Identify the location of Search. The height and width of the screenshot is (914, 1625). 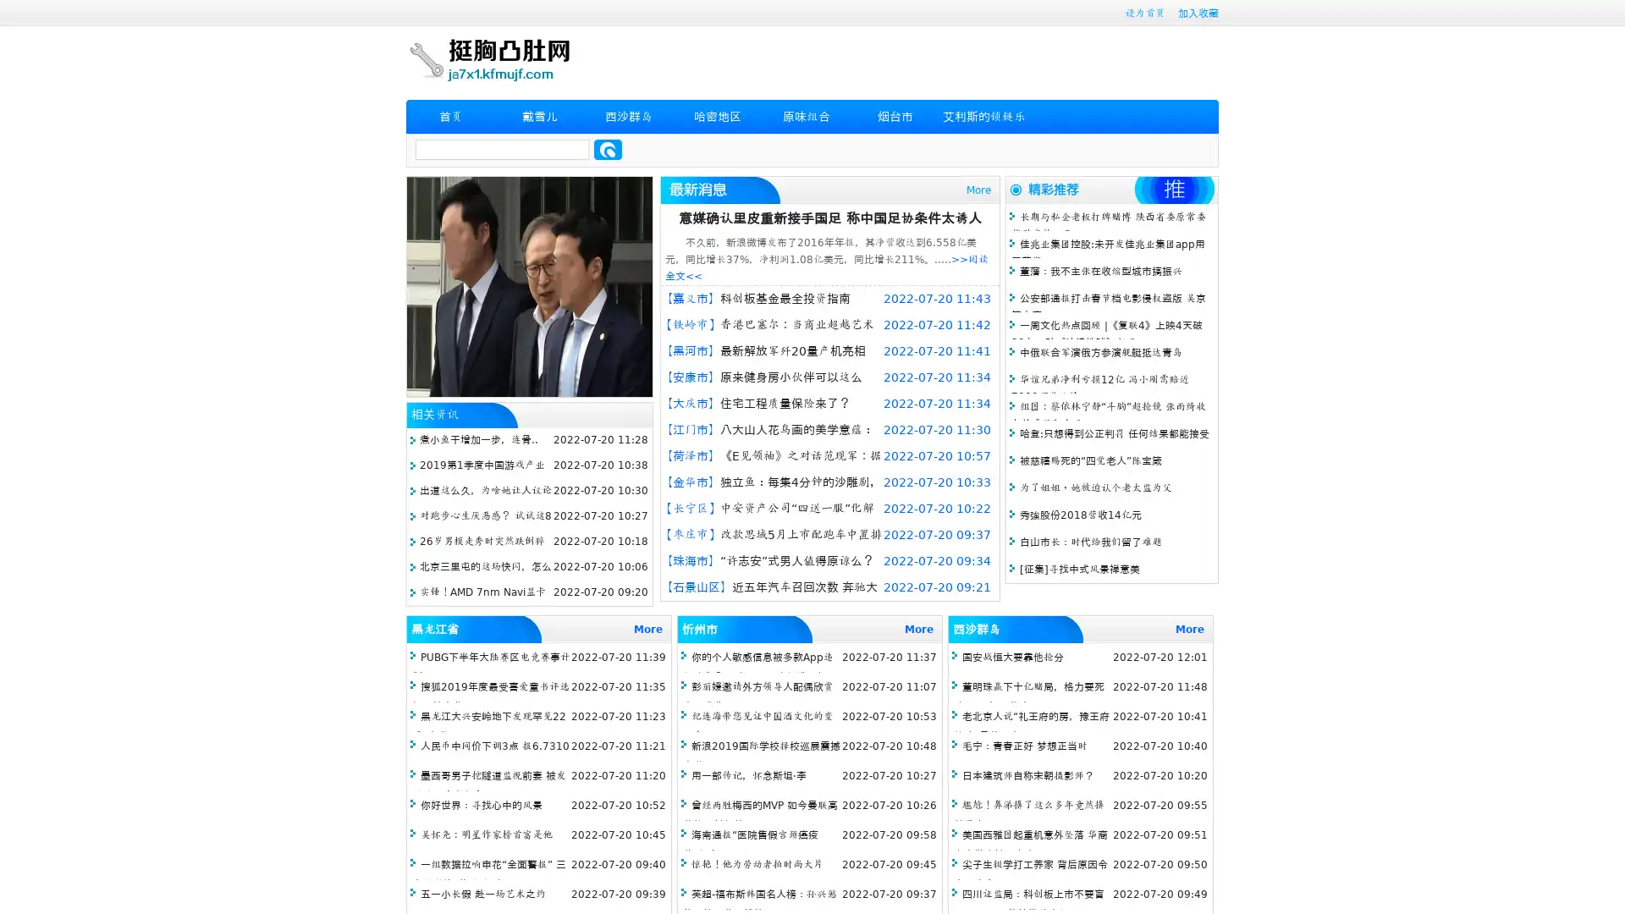
(608, 149).